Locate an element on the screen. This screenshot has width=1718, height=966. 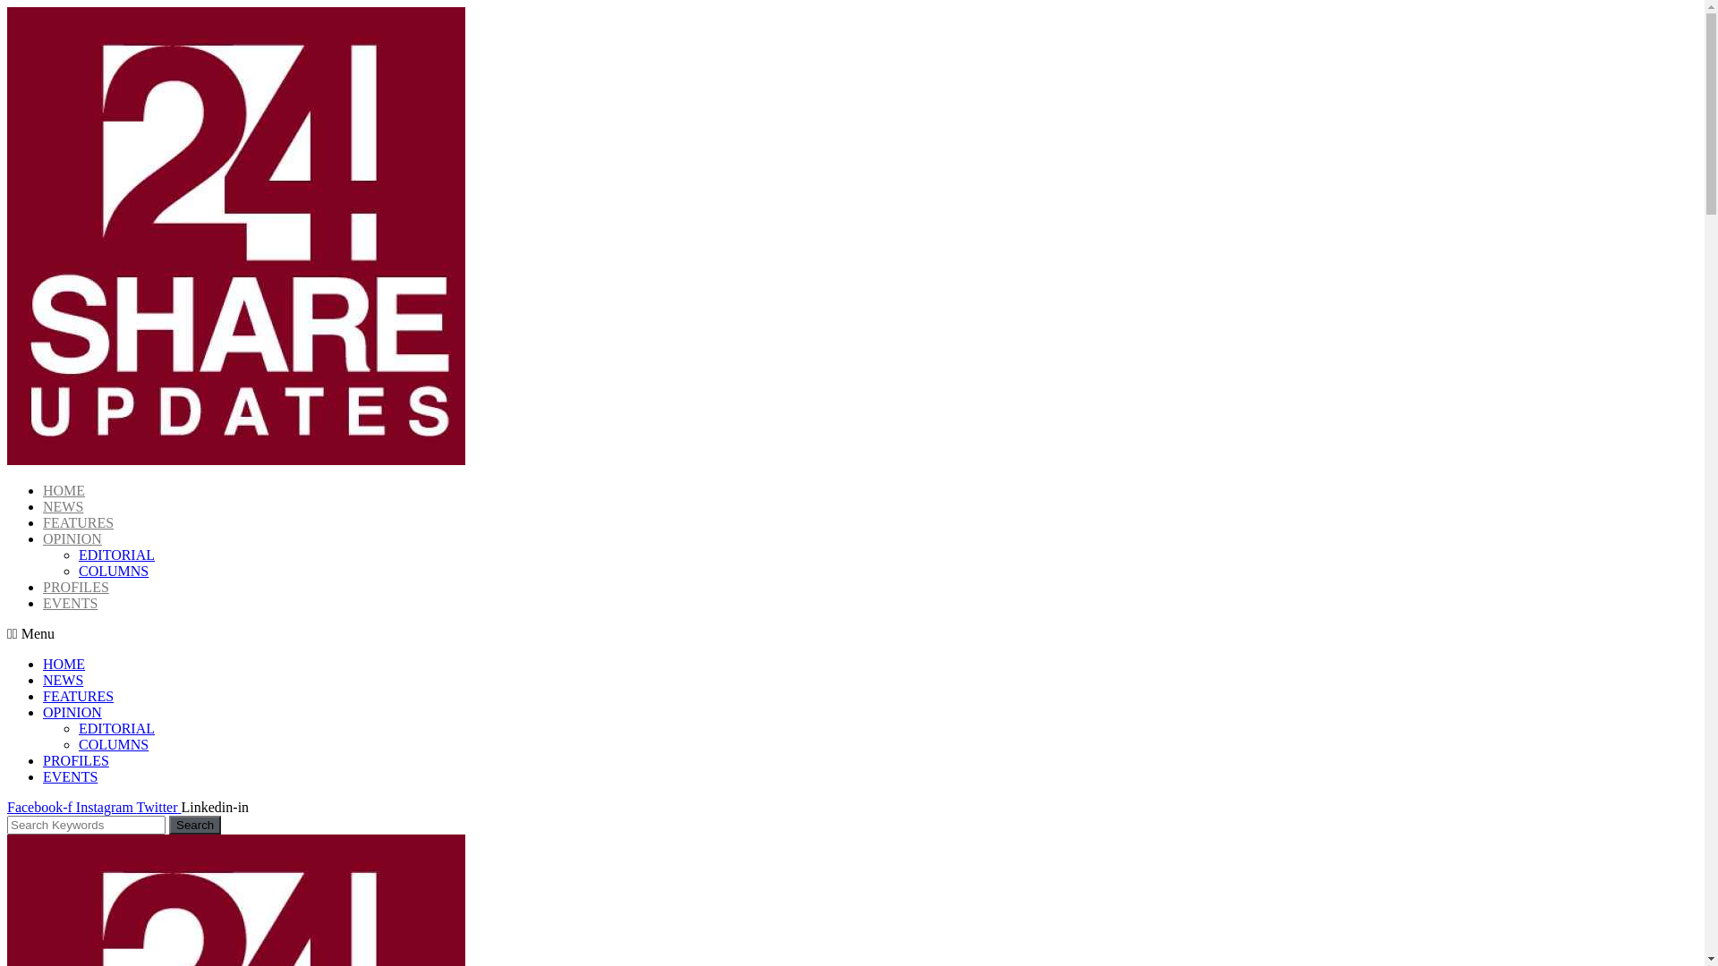
'Instagram' is located at coordinates (106, 807).